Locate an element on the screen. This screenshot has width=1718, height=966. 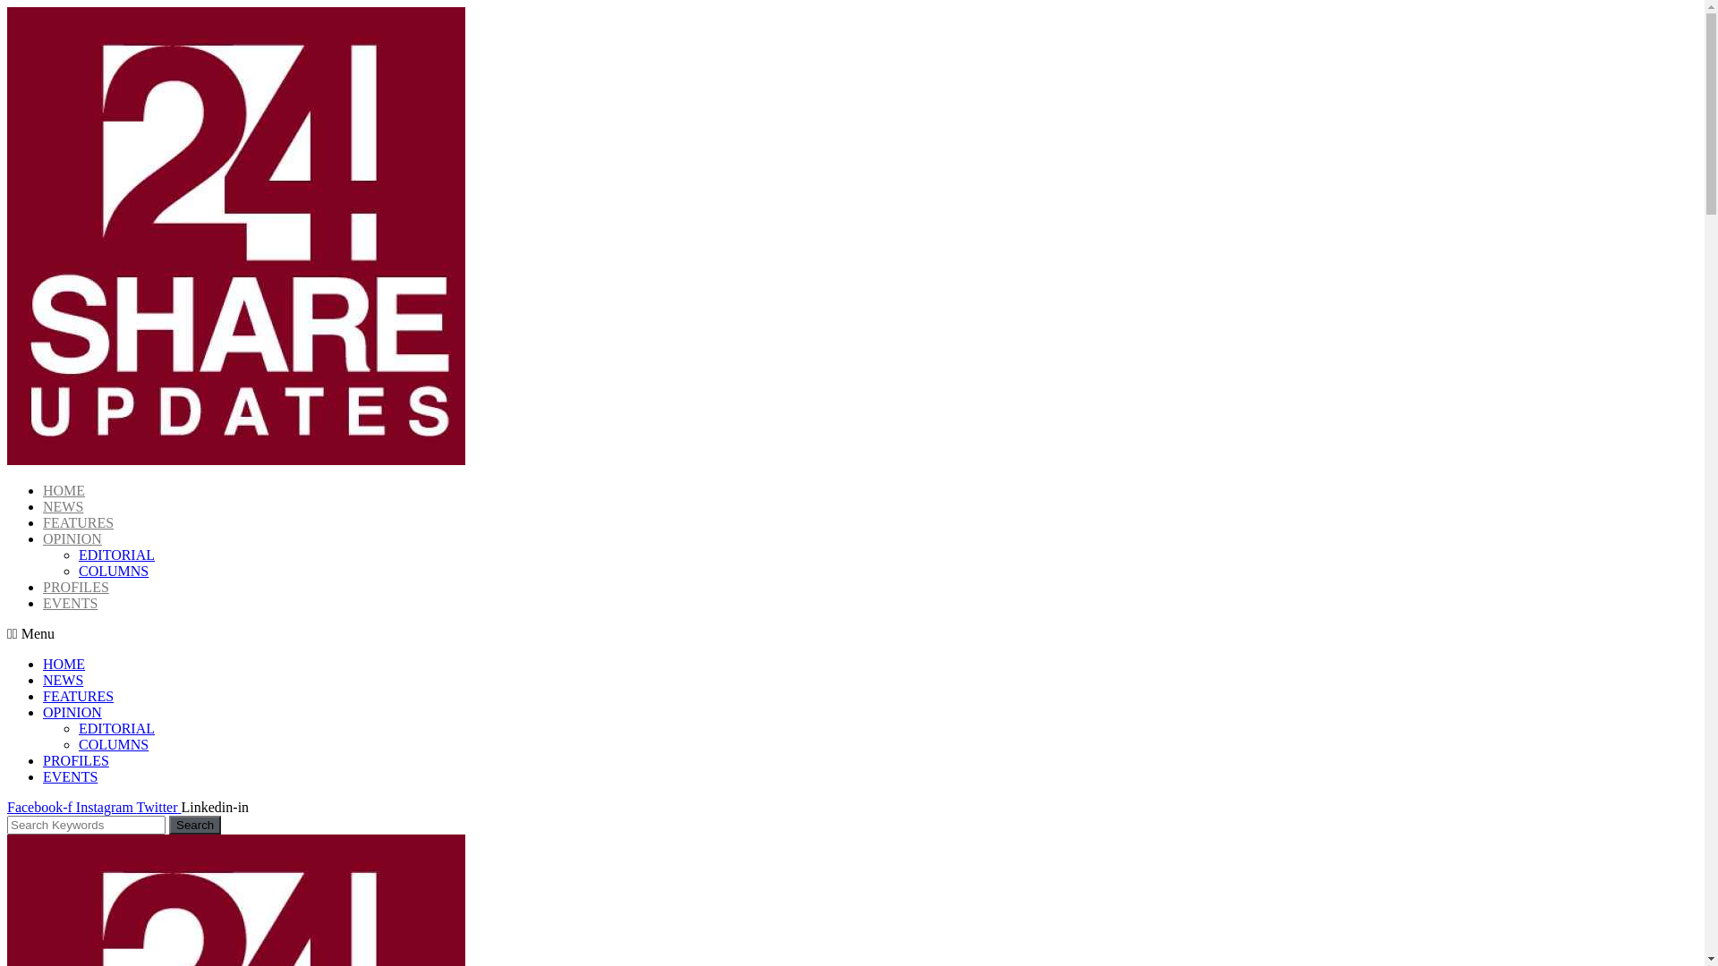
'Instagram' is located at coordinates (106, 807).